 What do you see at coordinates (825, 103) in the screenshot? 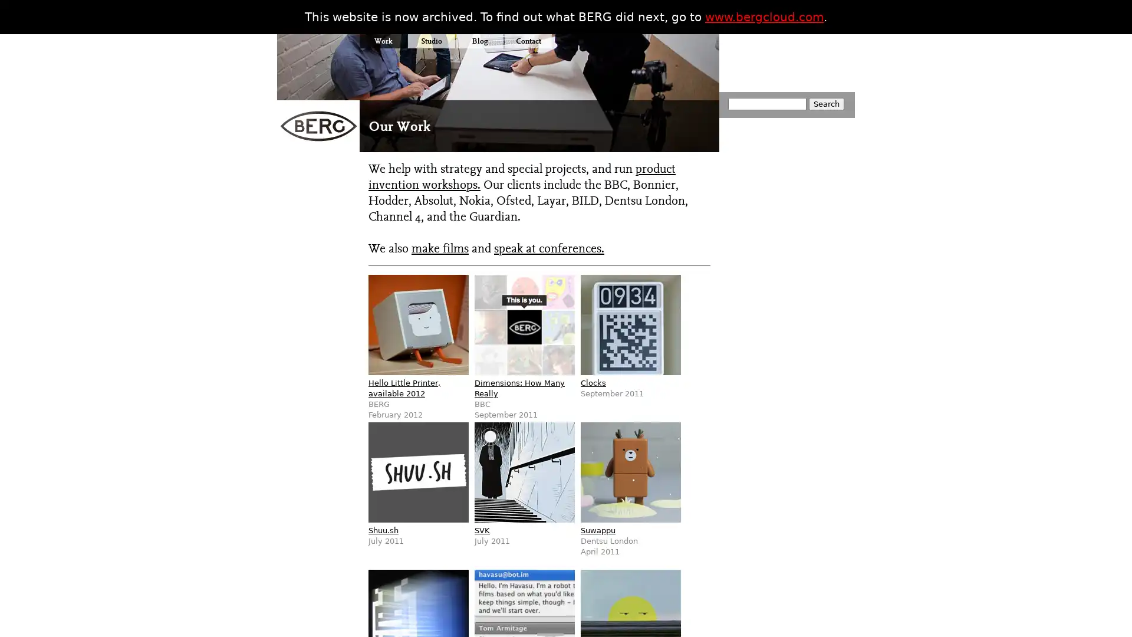
I see `Search` at bounding box center [825, 103].